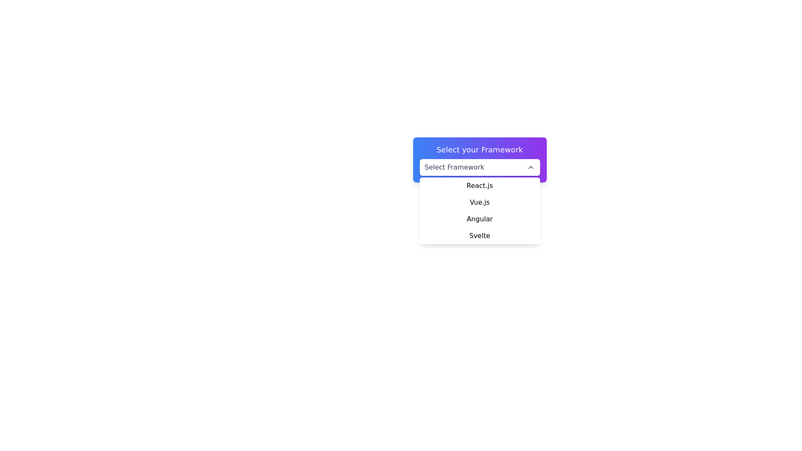  I want to click on an item in the Dropdown menu containing framework names such as 'React.js', 'Vue.js', 'Angular', and 'Svelte', so click(480, 210).